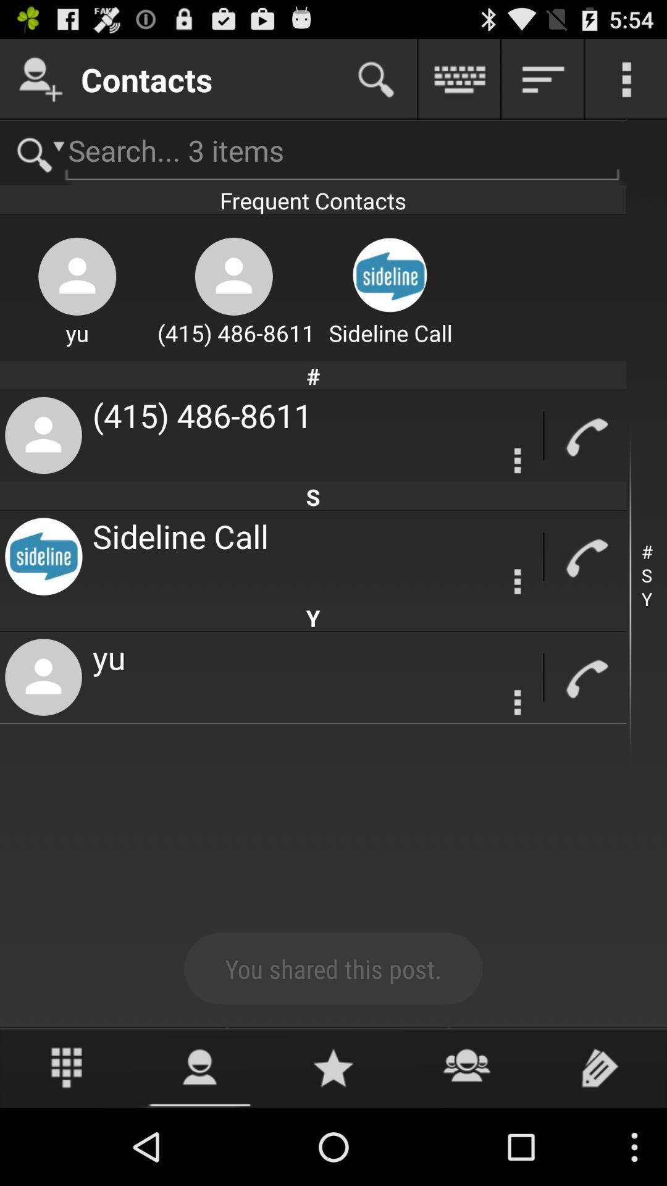  What do you see at coordinates (585, 677) in the screenshot?
I see `phone button` at bounding box center [585, 677].